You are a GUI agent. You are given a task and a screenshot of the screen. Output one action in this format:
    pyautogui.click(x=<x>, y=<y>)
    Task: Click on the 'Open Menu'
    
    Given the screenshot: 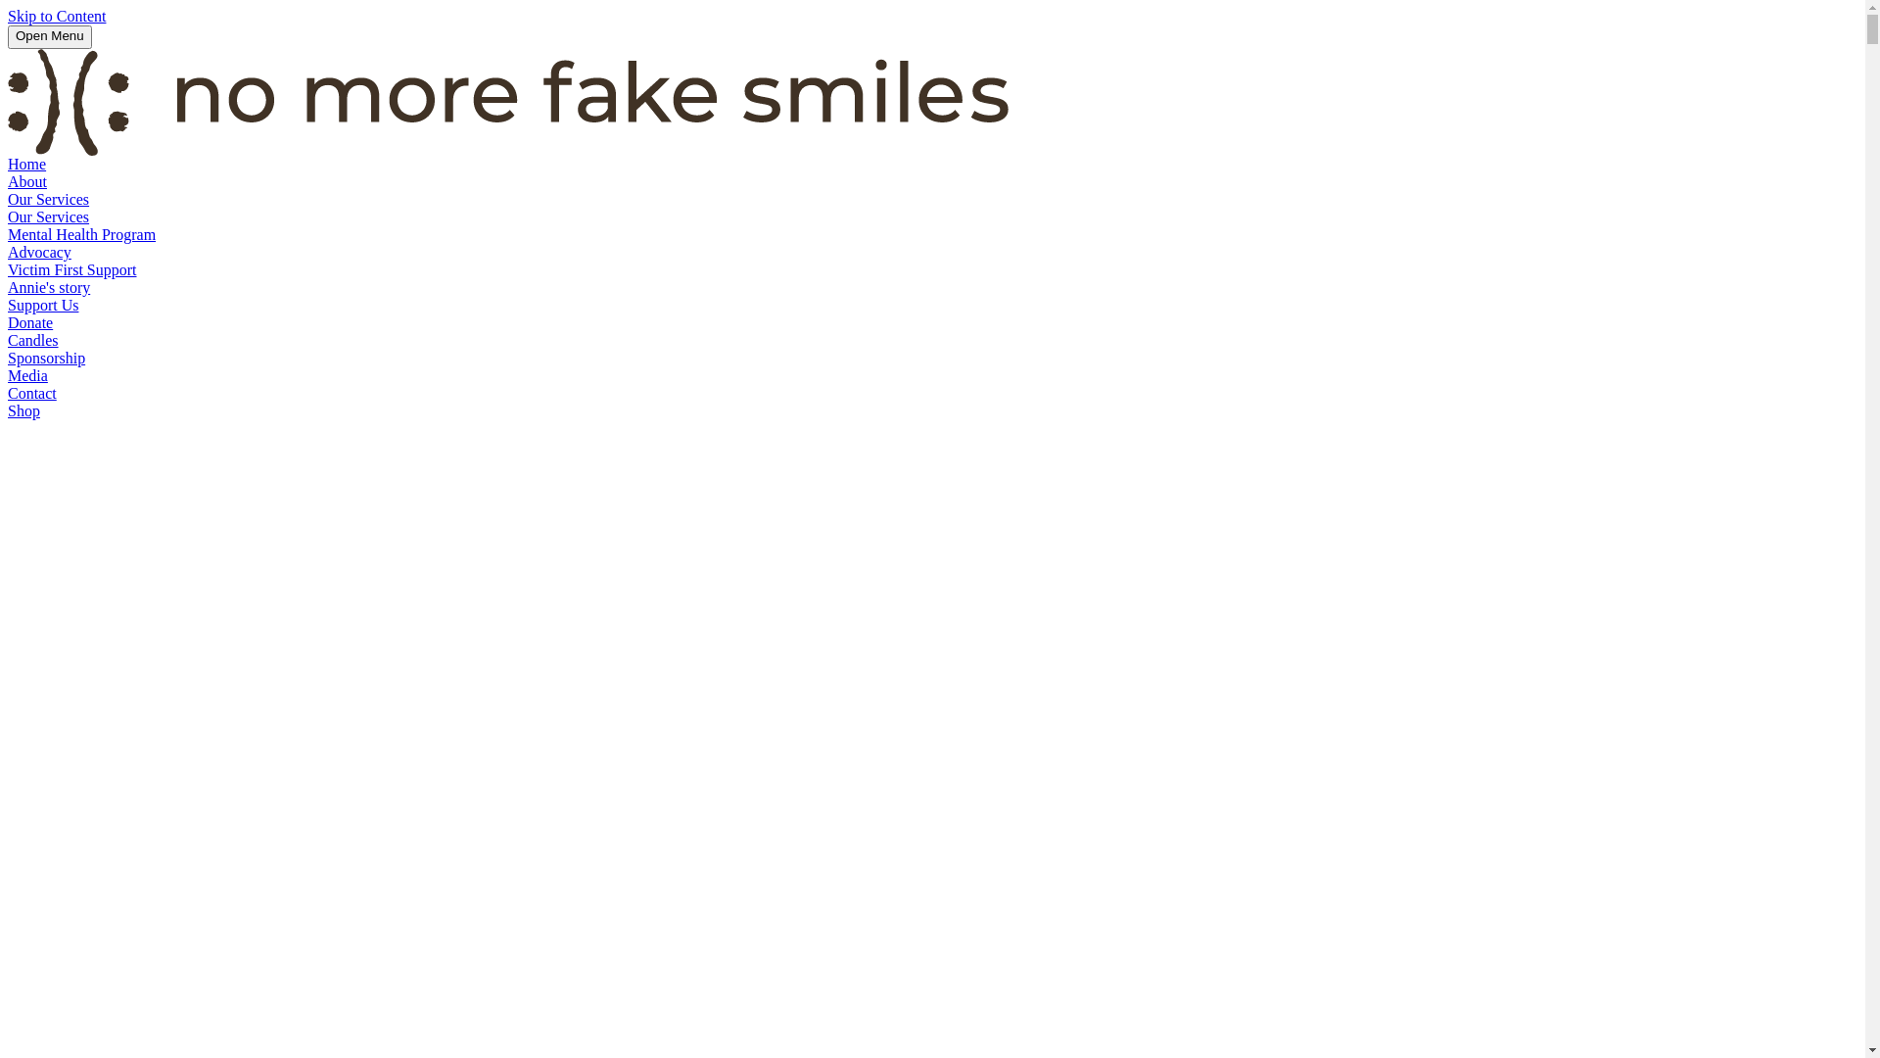 What is the action you would take?
    pyautogui.click(x=50, y=37)
    